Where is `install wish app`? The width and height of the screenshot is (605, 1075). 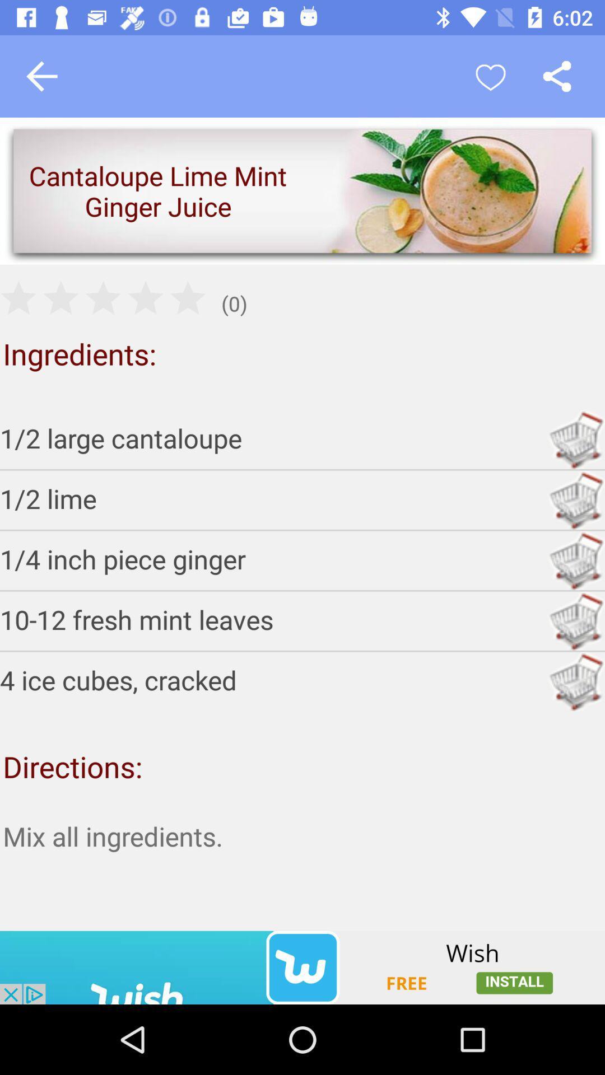 install wish app is located at coordinates (302, 967).